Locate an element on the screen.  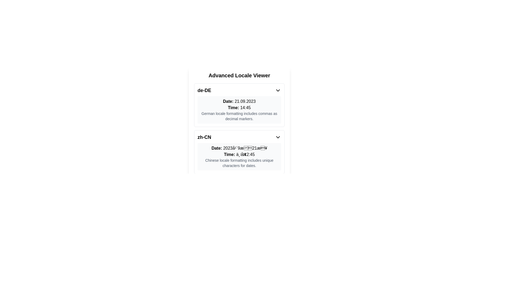
the Text label that indicates the time value, positioned to the left of '14:45' is located at coordinates (233, 107).